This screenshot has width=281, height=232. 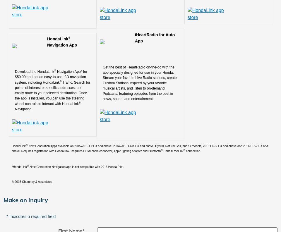 What do you see at coordinates (24, 108) in the screenshot?
I see `'Navigation.'` at bounding box center [24, 108].